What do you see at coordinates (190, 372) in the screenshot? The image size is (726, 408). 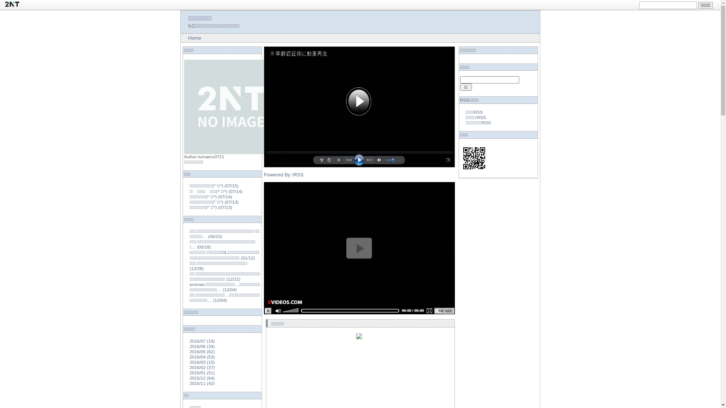 I see `'2016/01 (51)'` at bounding box center [190, 372].